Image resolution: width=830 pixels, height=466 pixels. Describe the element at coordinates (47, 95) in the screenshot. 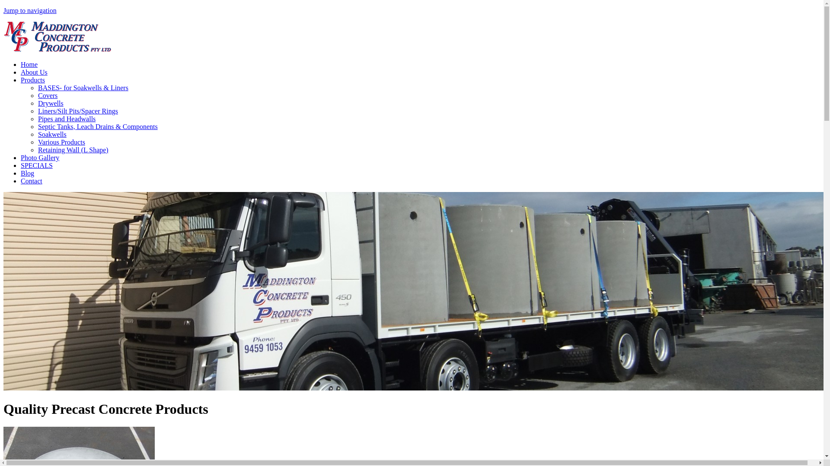

I see `'Covers'` at that location.